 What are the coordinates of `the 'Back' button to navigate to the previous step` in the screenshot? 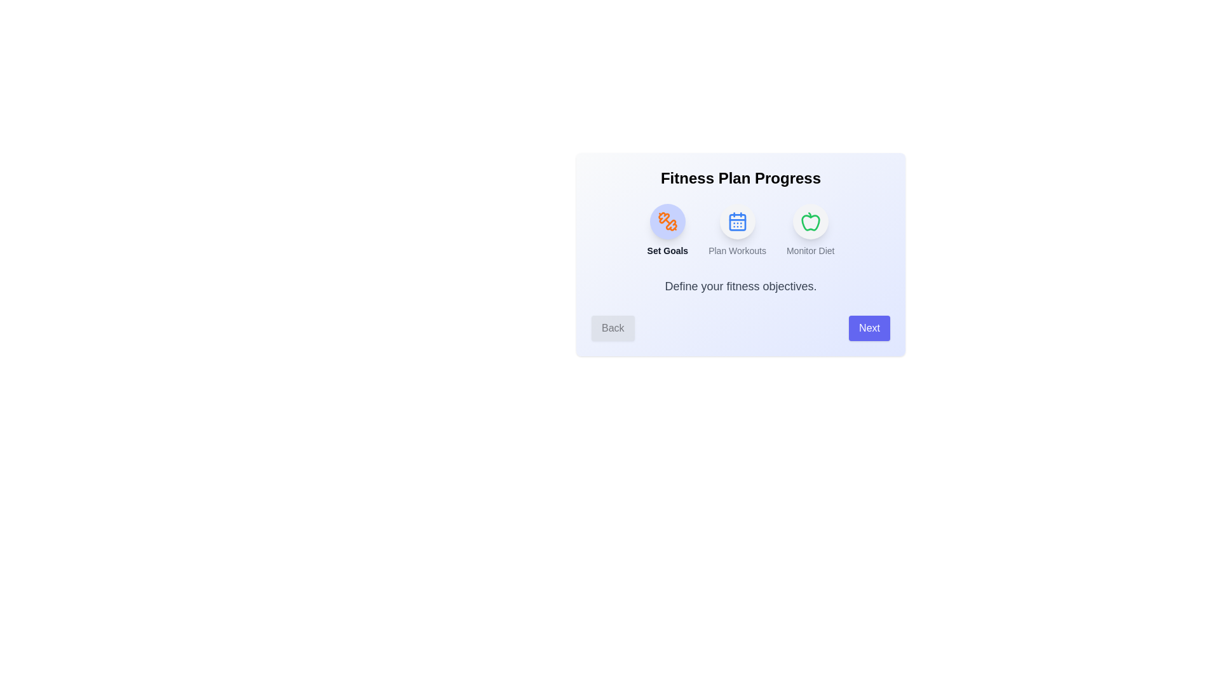 It's located at (613, 327).